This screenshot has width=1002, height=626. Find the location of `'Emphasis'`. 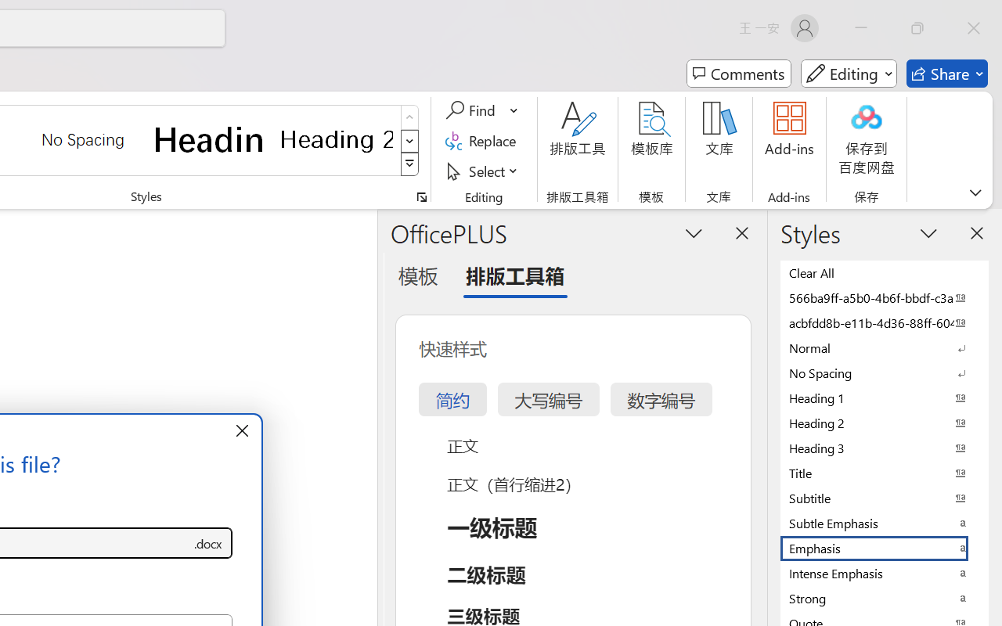

'Emphasis' is located at coordinates (885, 548).